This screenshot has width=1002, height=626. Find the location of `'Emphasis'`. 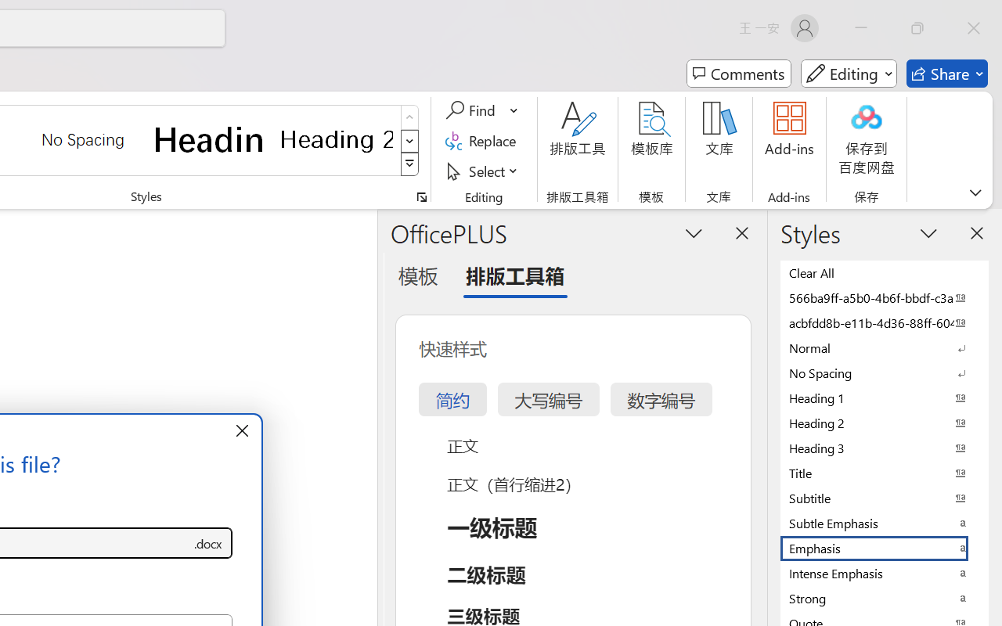

'Emphasis' is located at coordinates (885, 548).